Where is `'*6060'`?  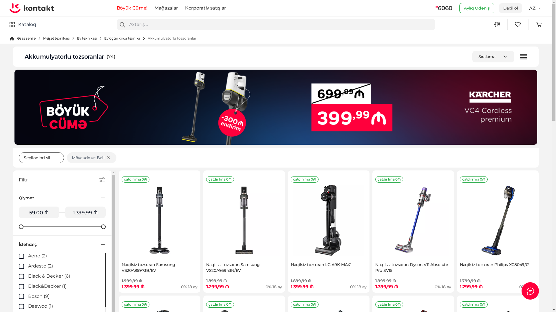
'*6060' is located at coordinates (435, 8).